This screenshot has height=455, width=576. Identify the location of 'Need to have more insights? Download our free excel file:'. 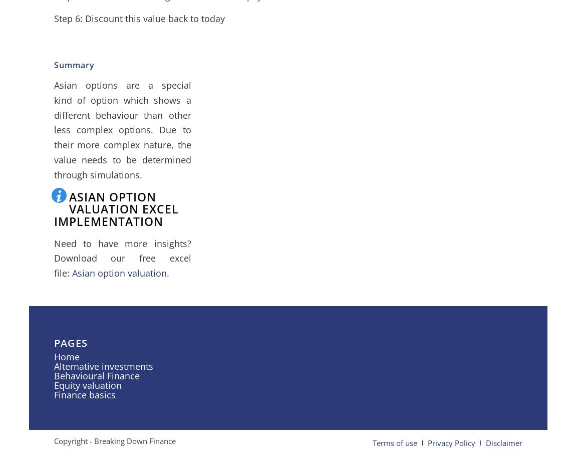
(122, 258).